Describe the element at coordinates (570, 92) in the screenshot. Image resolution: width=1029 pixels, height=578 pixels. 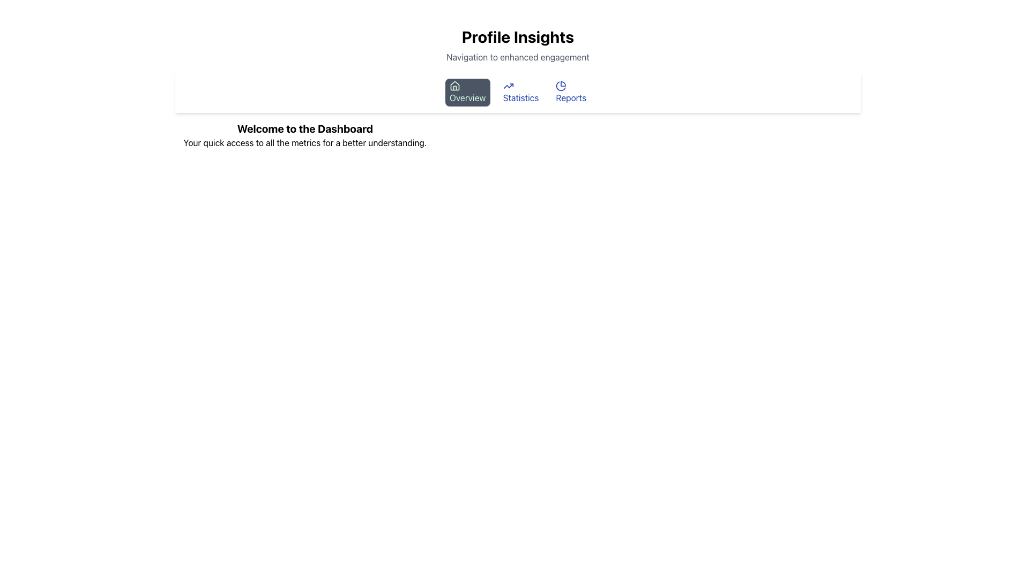
I see `the 'Reports' button, which is the third button in the sequence of three buttons below the 'Profile Insights' header` at that location.